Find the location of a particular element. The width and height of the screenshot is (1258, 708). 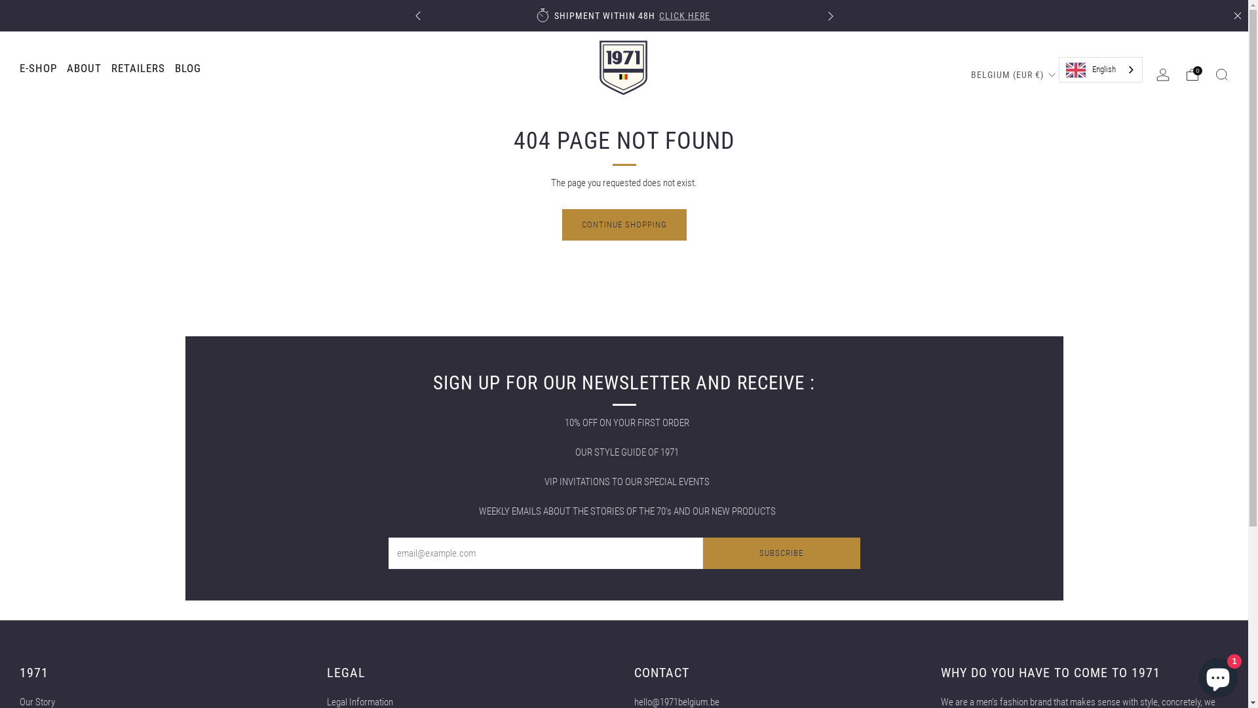

'SUBSCRIBE' is located at coordinates (780, 553).